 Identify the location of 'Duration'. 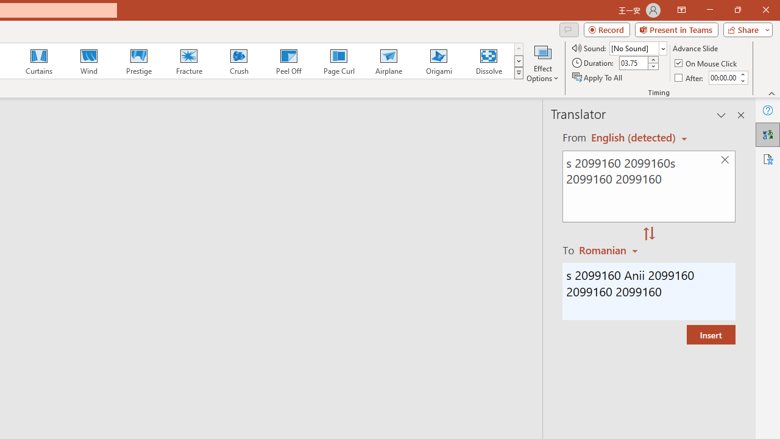
(634, 63).